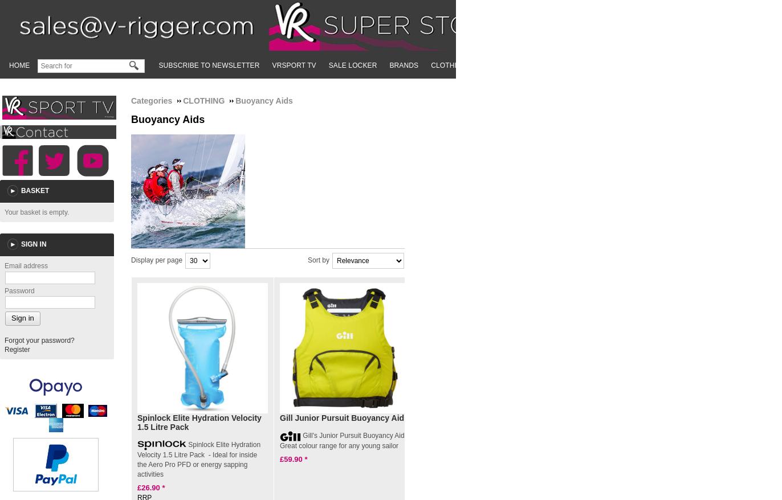 This screenshot has height=500, width=782. I want to click on 'SUP', so click(651, 64).